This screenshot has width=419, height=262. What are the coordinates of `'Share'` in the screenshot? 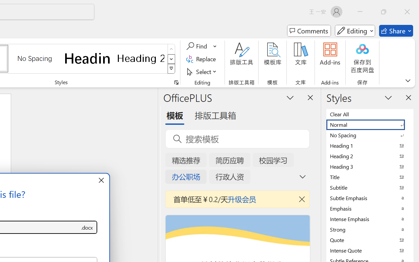 It's located at (396, 31).